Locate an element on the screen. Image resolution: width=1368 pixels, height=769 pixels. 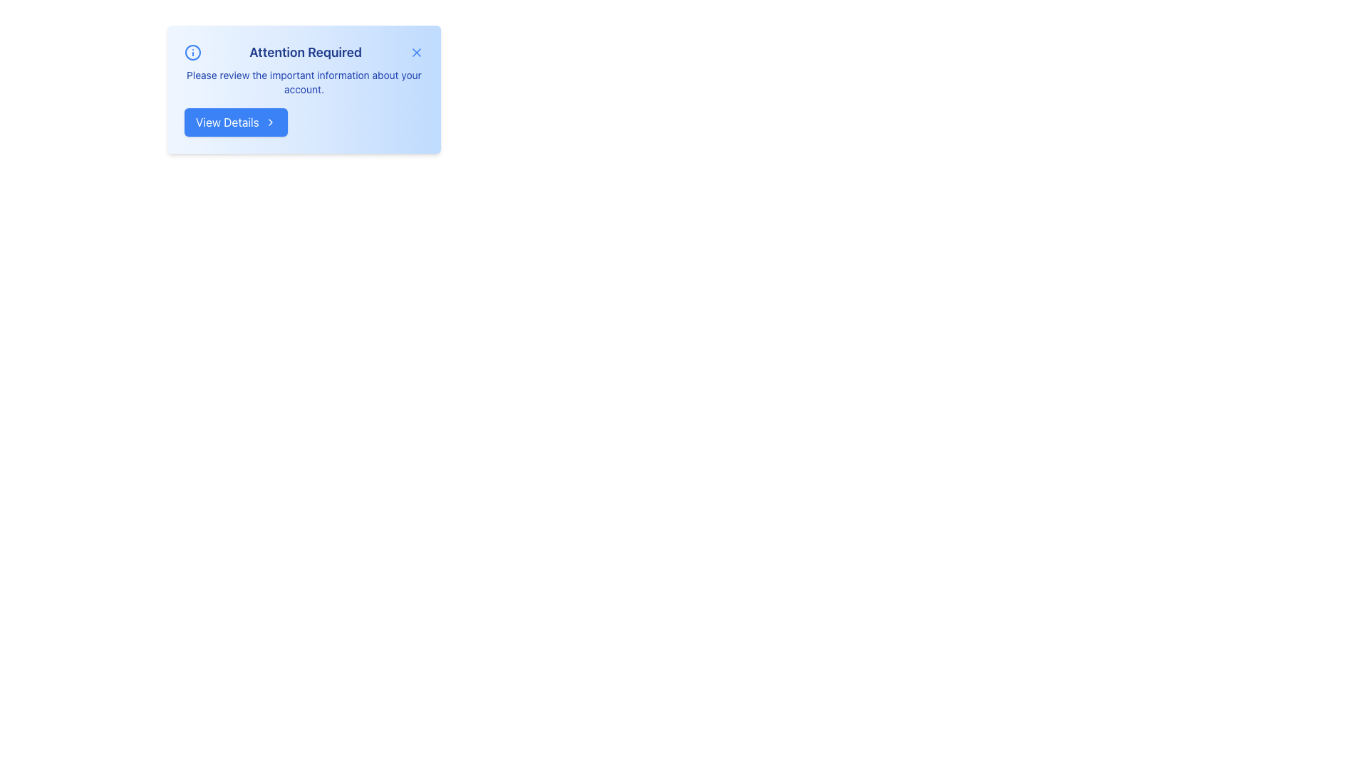
the dismiss button located at the top-right of the notification box is located at coordinates (416, 51).